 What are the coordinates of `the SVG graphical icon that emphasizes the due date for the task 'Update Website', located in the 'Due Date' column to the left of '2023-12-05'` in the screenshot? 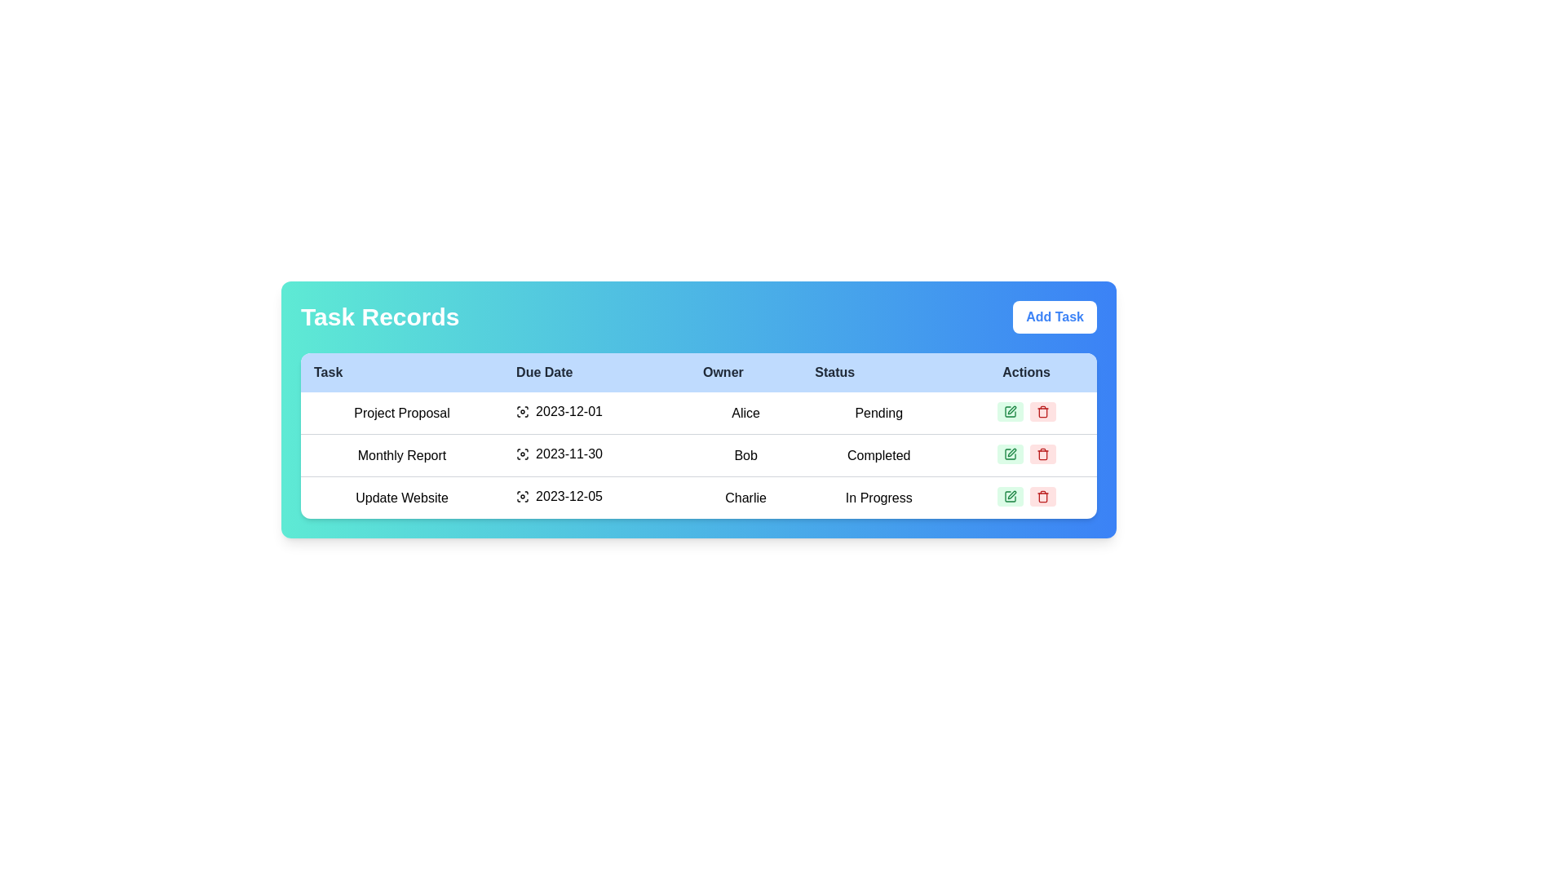 It's located at (523, 496).